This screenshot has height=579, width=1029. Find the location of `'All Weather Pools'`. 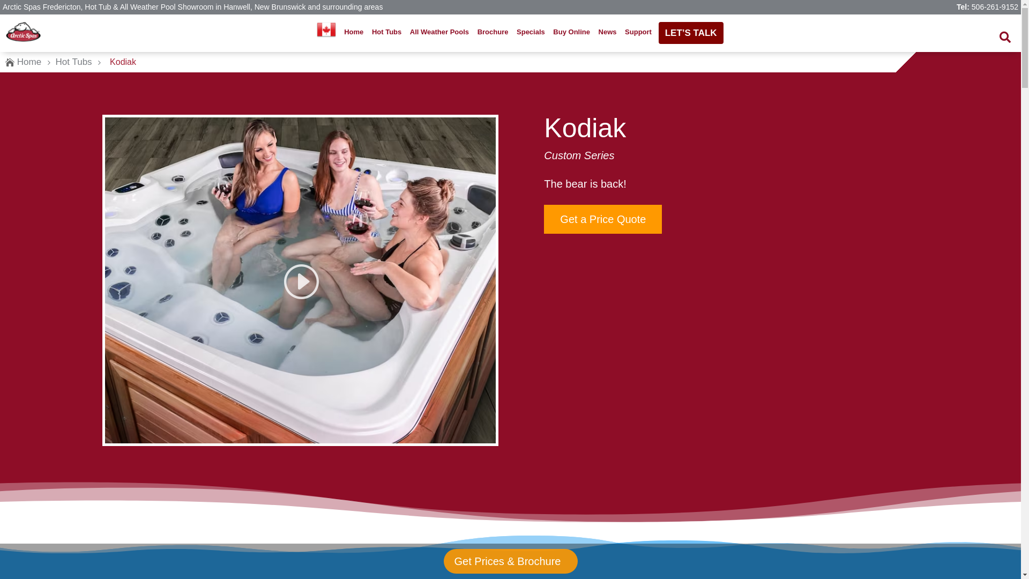

'All Weather Pools' is located at coordinates (439, 31).